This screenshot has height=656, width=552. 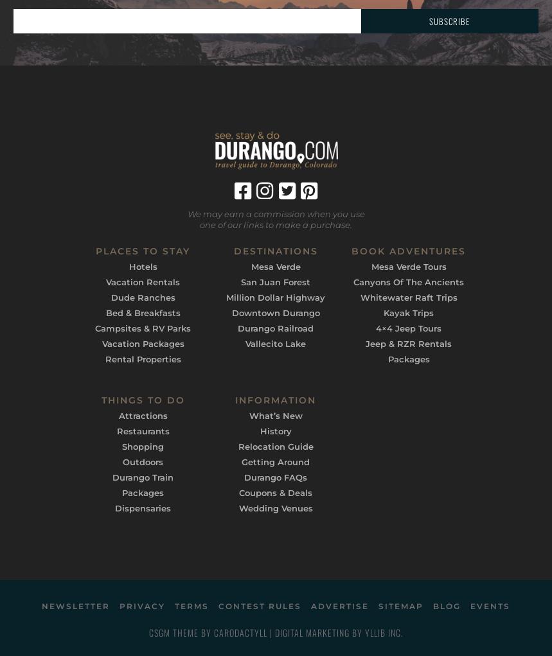 What do you see at coordinates (275, 414) in the screenshot?
I see `'What’s New'` at bounding box center [275, 414].